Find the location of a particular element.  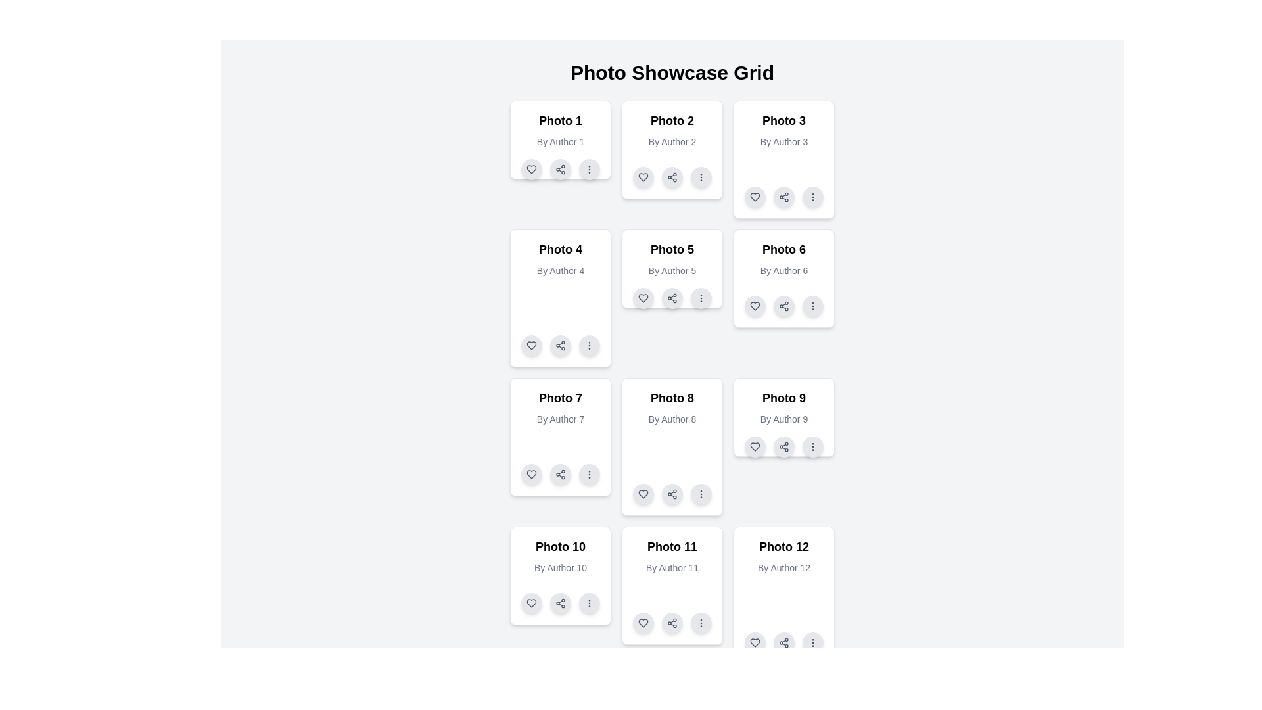

the text label that serves as a heading for the associated photo content, located at the bottom right of the layout grid is located at coordinates (784, 547).